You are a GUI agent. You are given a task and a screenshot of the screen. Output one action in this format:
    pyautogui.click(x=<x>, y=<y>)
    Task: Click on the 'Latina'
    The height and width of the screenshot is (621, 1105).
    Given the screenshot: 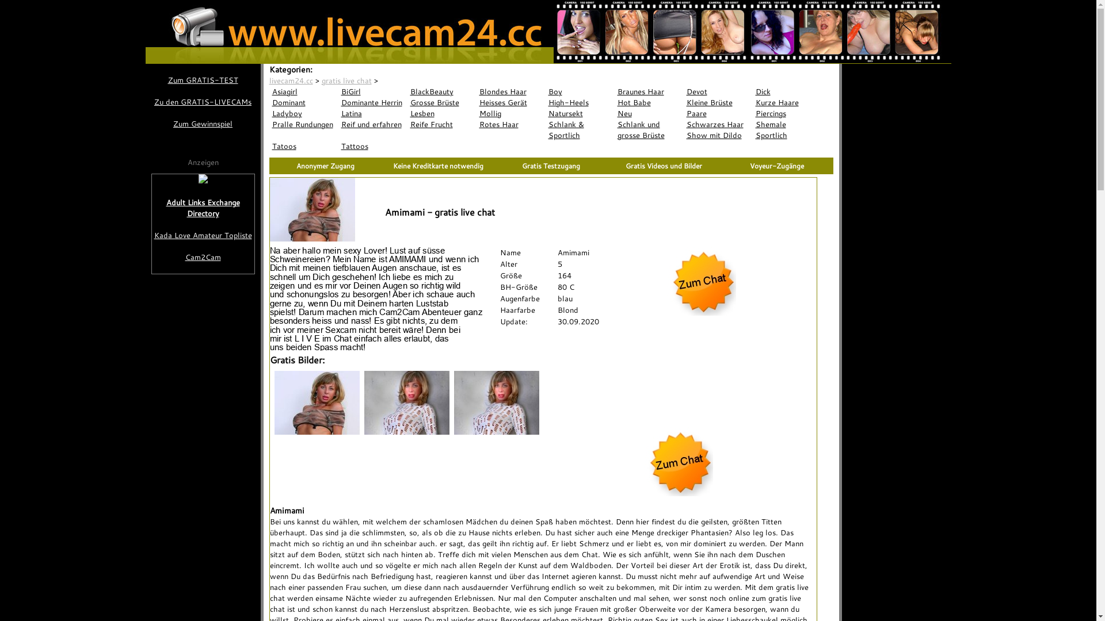 What is the action you would take?
    pyautogui.click(x=373, y=113)
    